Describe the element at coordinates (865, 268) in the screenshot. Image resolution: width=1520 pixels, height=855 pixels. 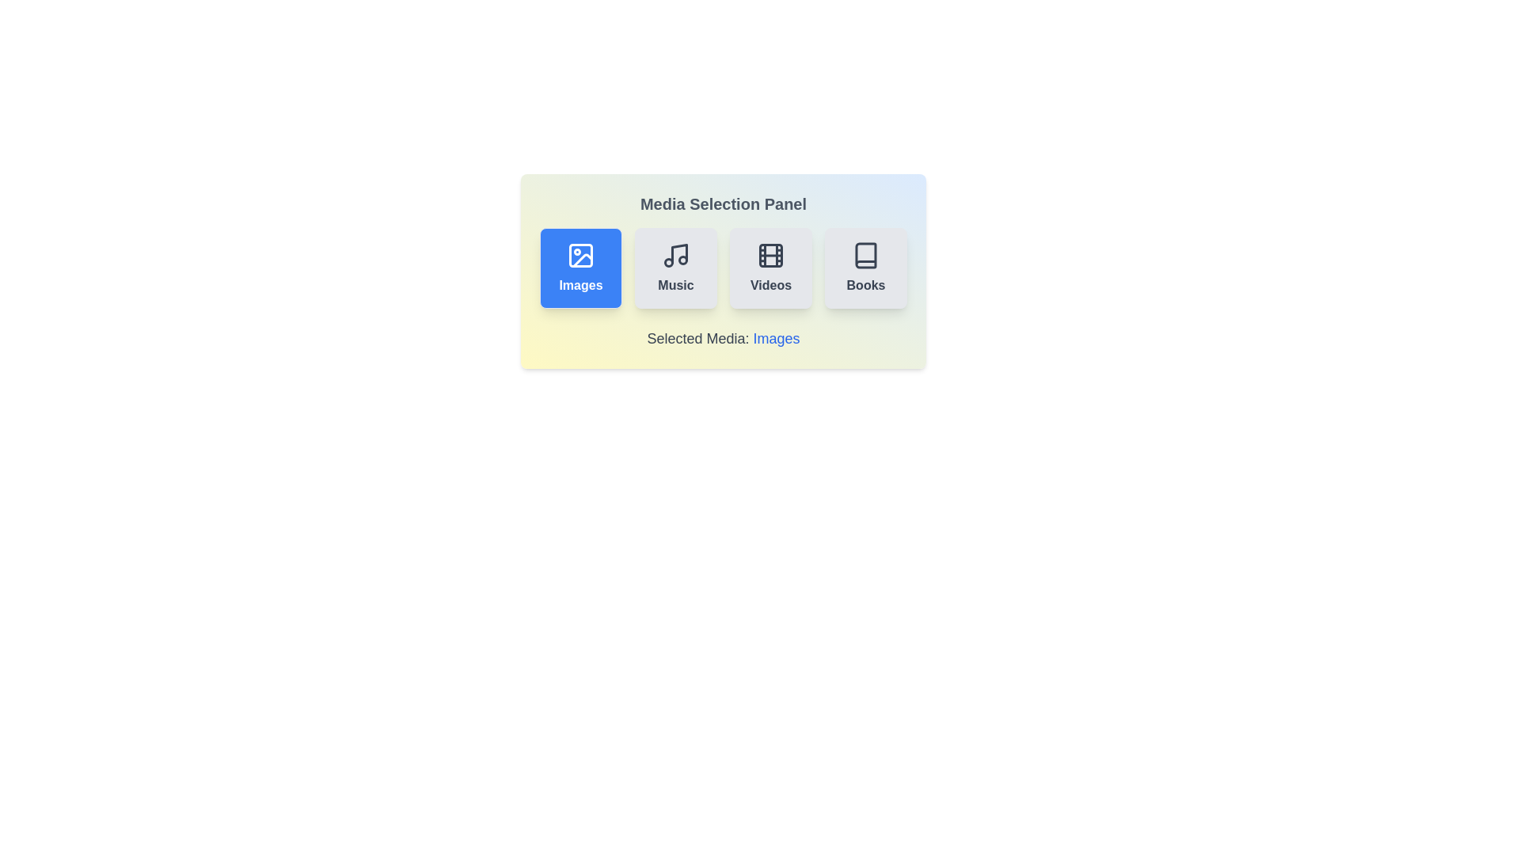
I see `the media type Books by clicking on its respective button` at that location.